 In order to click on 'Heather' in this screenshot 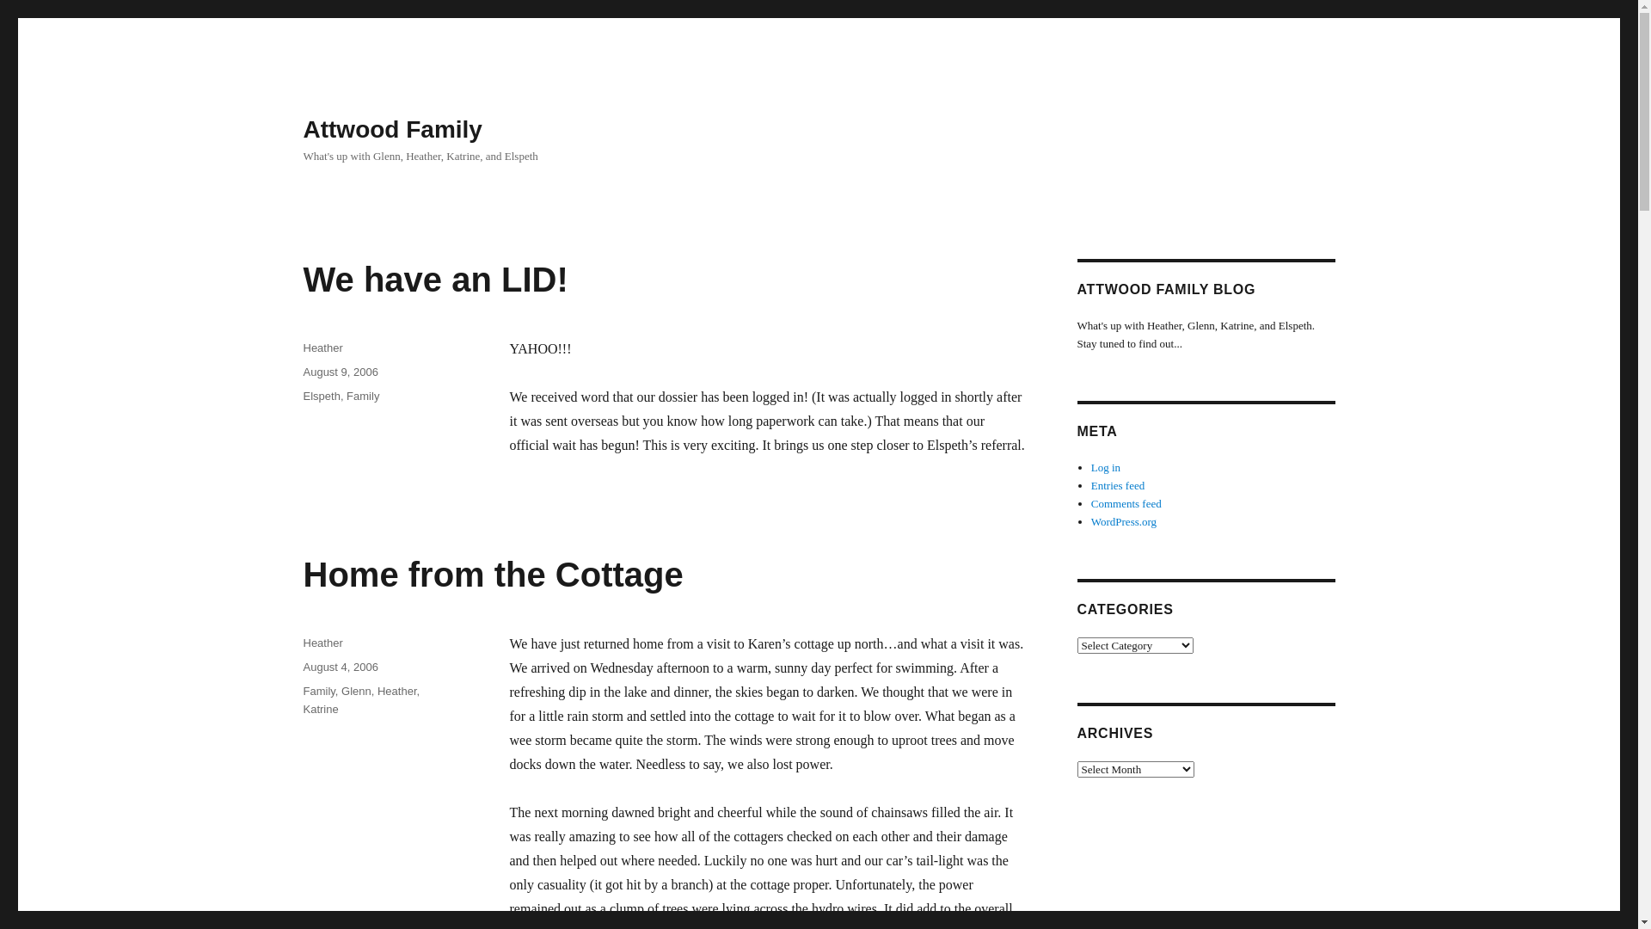, I will do `click(322, 348)`.